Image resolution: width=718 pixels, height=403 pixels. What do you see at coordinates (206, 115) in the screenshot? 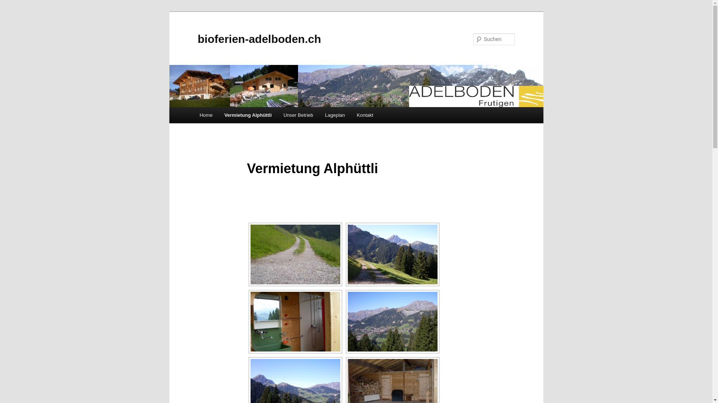
I see `'Home'` at bounding box center [206, 115].